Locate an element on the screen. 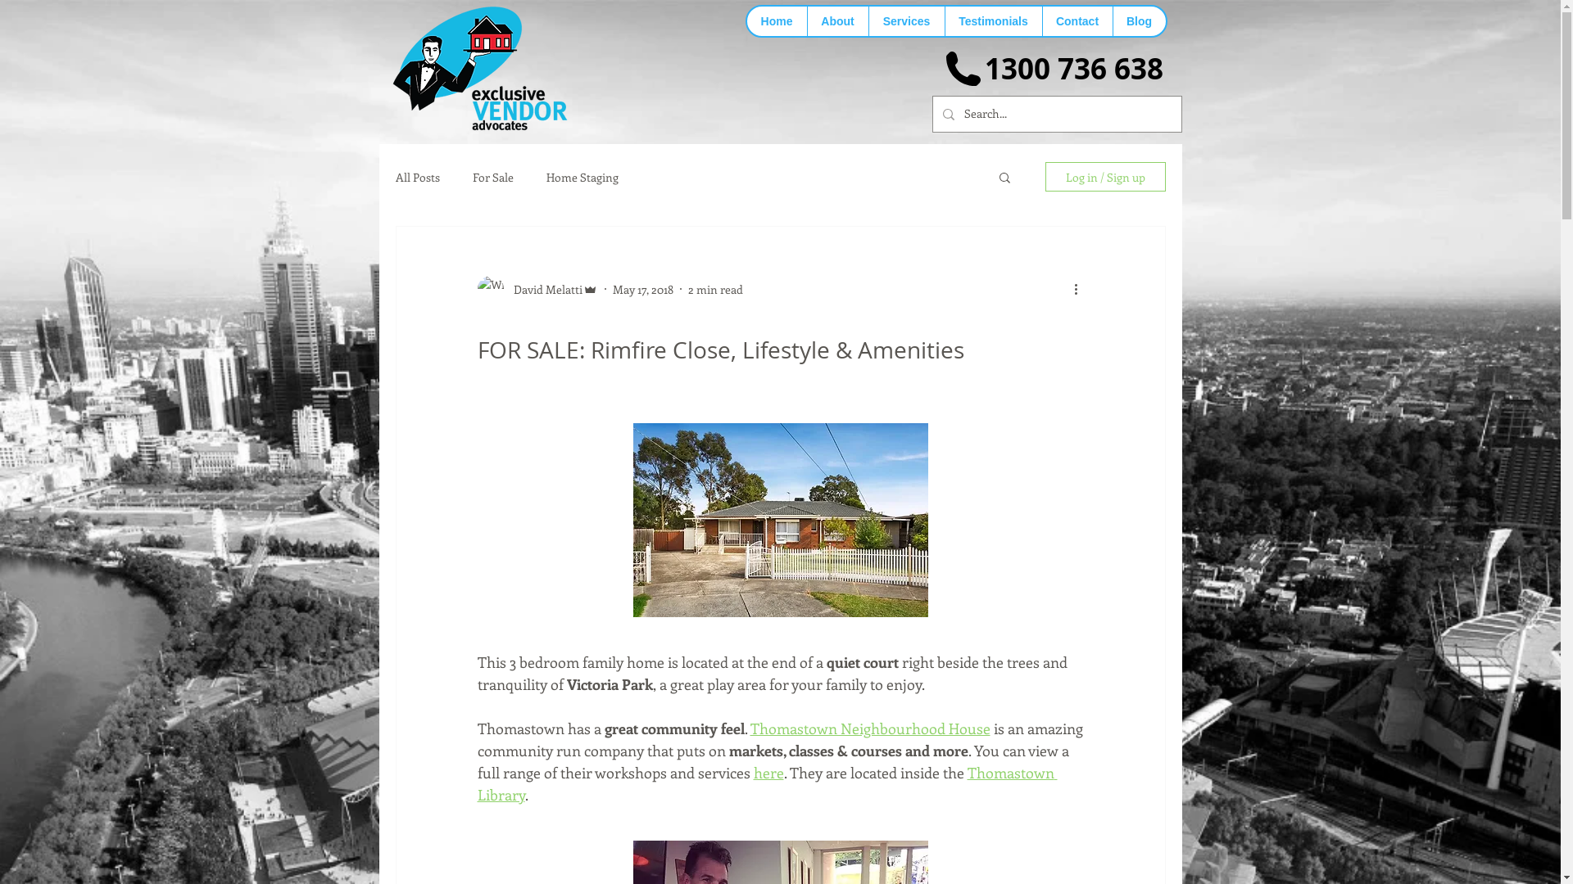  'Testimonials' is located at coordinates (991, 21).